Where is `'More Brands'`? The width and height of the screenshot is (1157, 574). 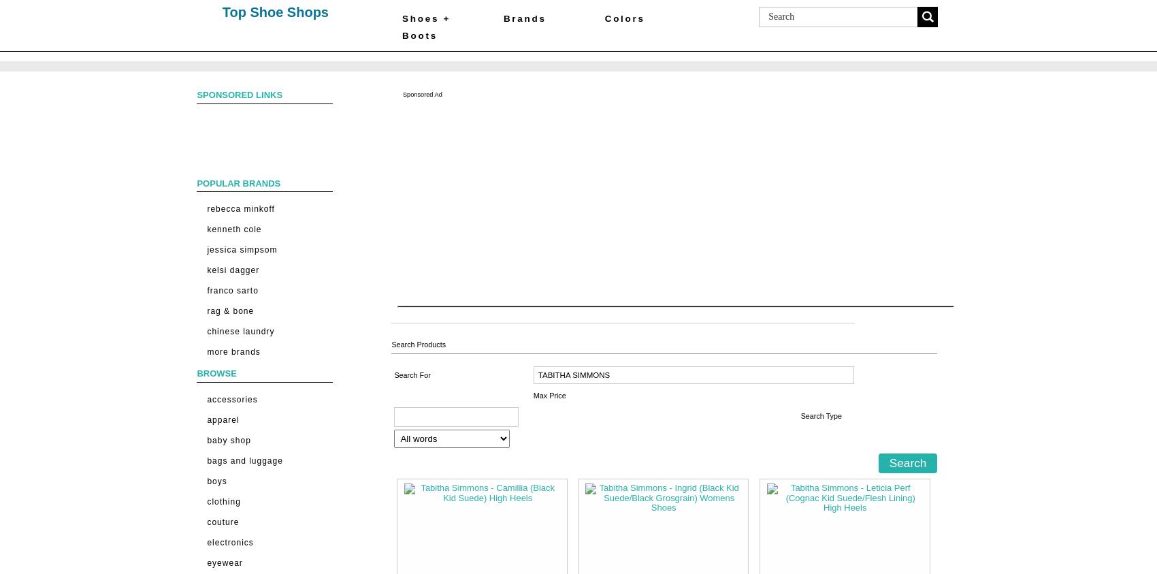 'More Brands' is located at coordinates (233, 352).